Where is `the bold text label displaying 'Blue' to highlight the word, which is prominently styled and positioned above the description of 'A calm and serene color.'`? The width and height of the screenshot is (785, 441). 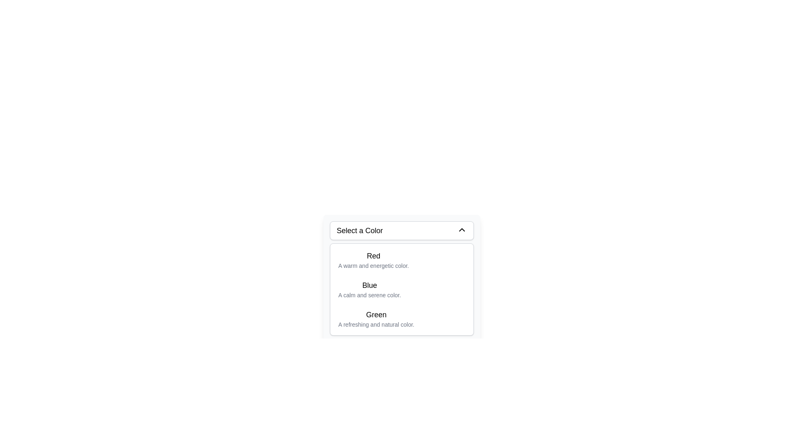
the bold text label displaying 'Blue' to highlight the word, which is prominently styled and positioned above the description of 'A calm and serene color.' is located at coordinates (369, 285).